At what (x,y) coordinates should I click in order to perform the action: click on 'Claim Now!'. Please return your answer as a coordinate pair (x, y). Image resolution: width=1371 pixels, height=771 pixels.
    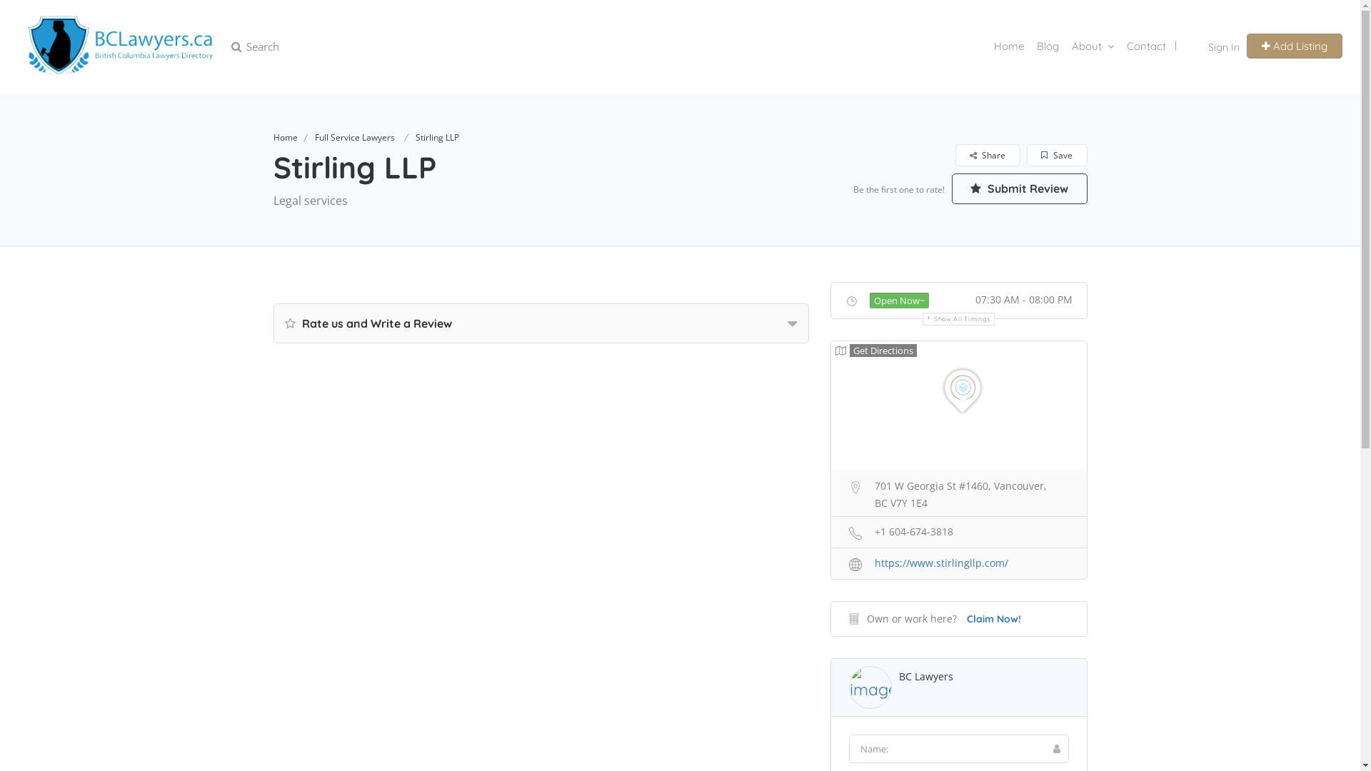
    Looking at the image, I should click on (993, 618).